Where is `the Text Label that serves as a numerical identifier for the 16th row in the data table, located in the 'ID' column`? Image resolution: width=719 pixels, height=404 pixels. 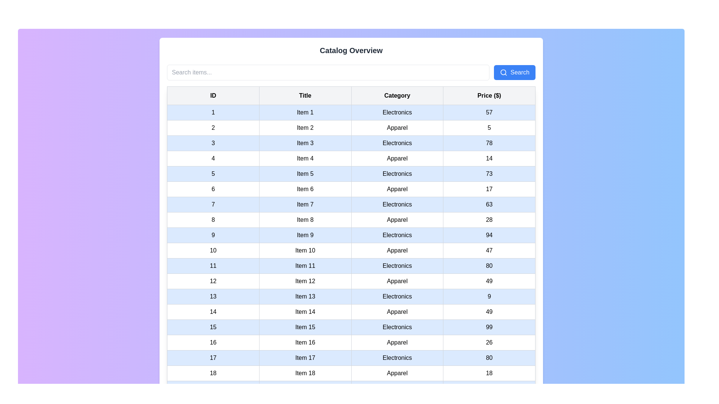 the Text Label that serves as a numerical identifier for the 16th row in the data table, located in the 'ID' column is located at coordinates (213, 342).